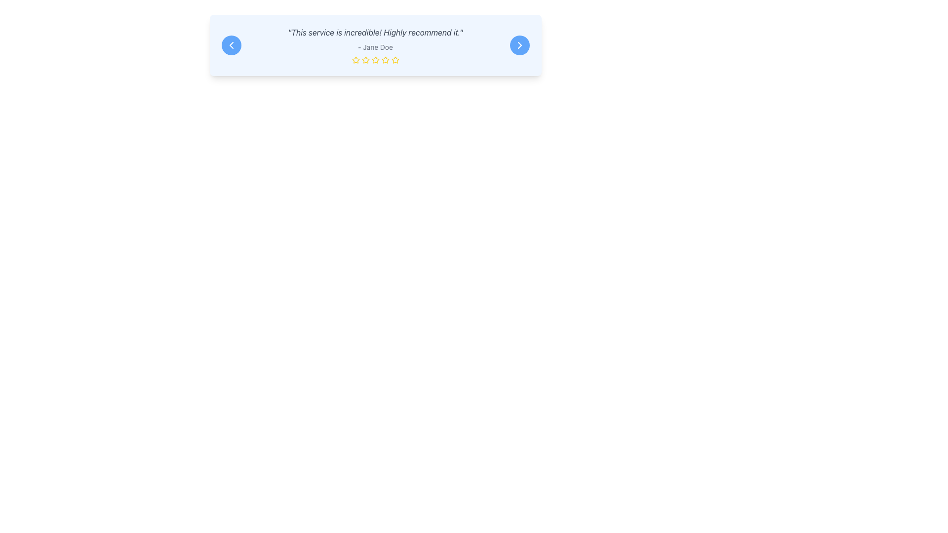  I want to click on the third star icon in the row of five star icons used for rating below the review text and reviewer's name, so click(355, 59).